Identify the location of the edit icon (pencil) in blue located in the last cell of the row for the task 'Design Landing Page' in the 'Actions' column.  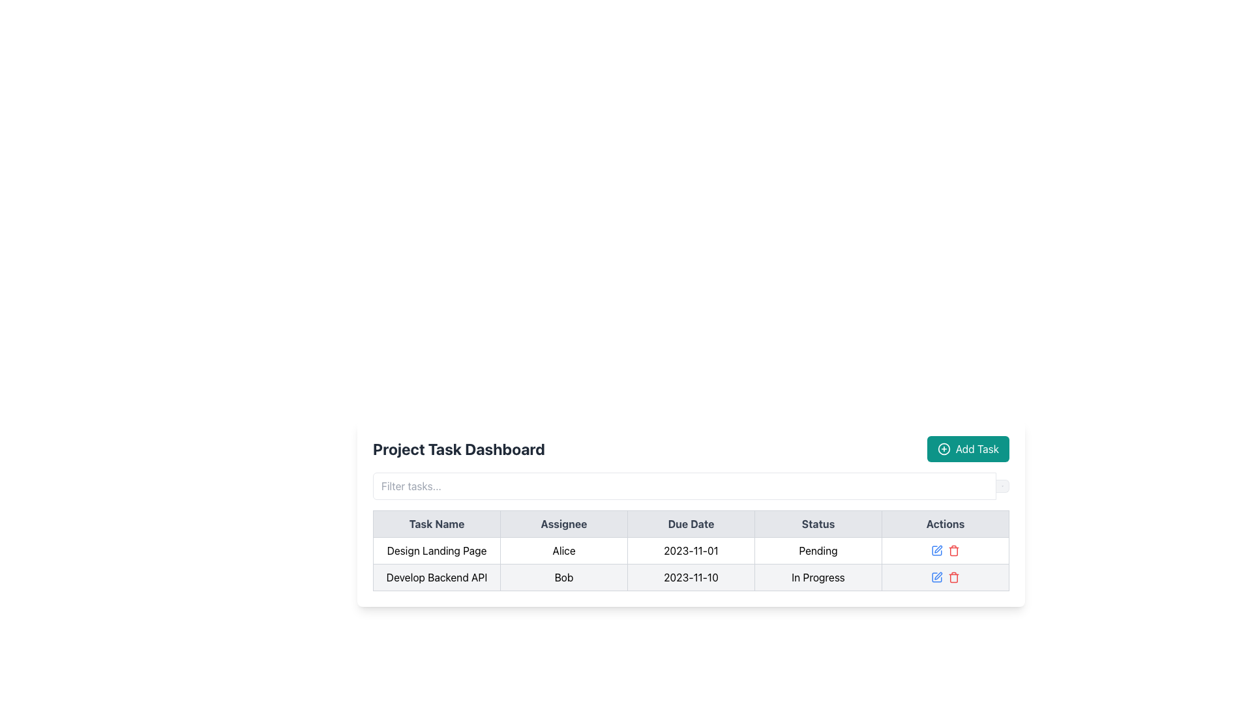
(945, 550).